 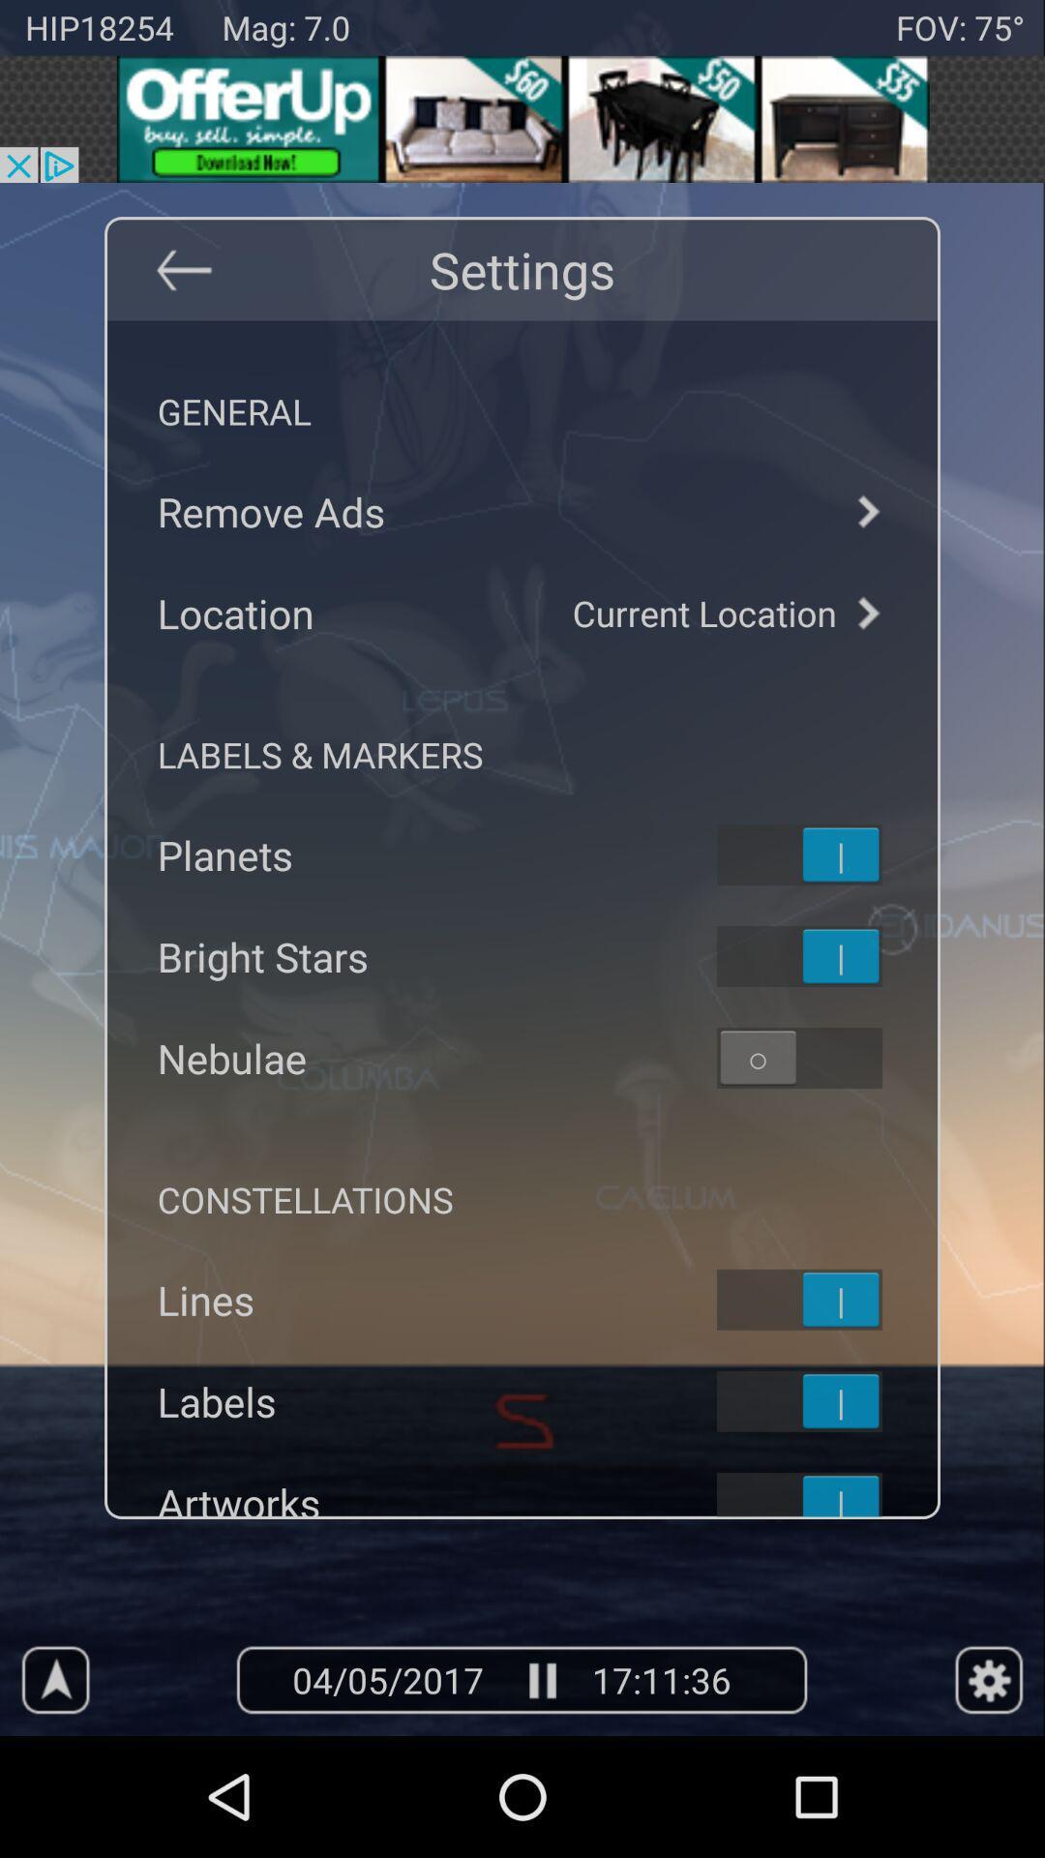 What do you see at coordinates (183, 268) in the screenshot?
I see `previuos` at bounding box center [183, 268].